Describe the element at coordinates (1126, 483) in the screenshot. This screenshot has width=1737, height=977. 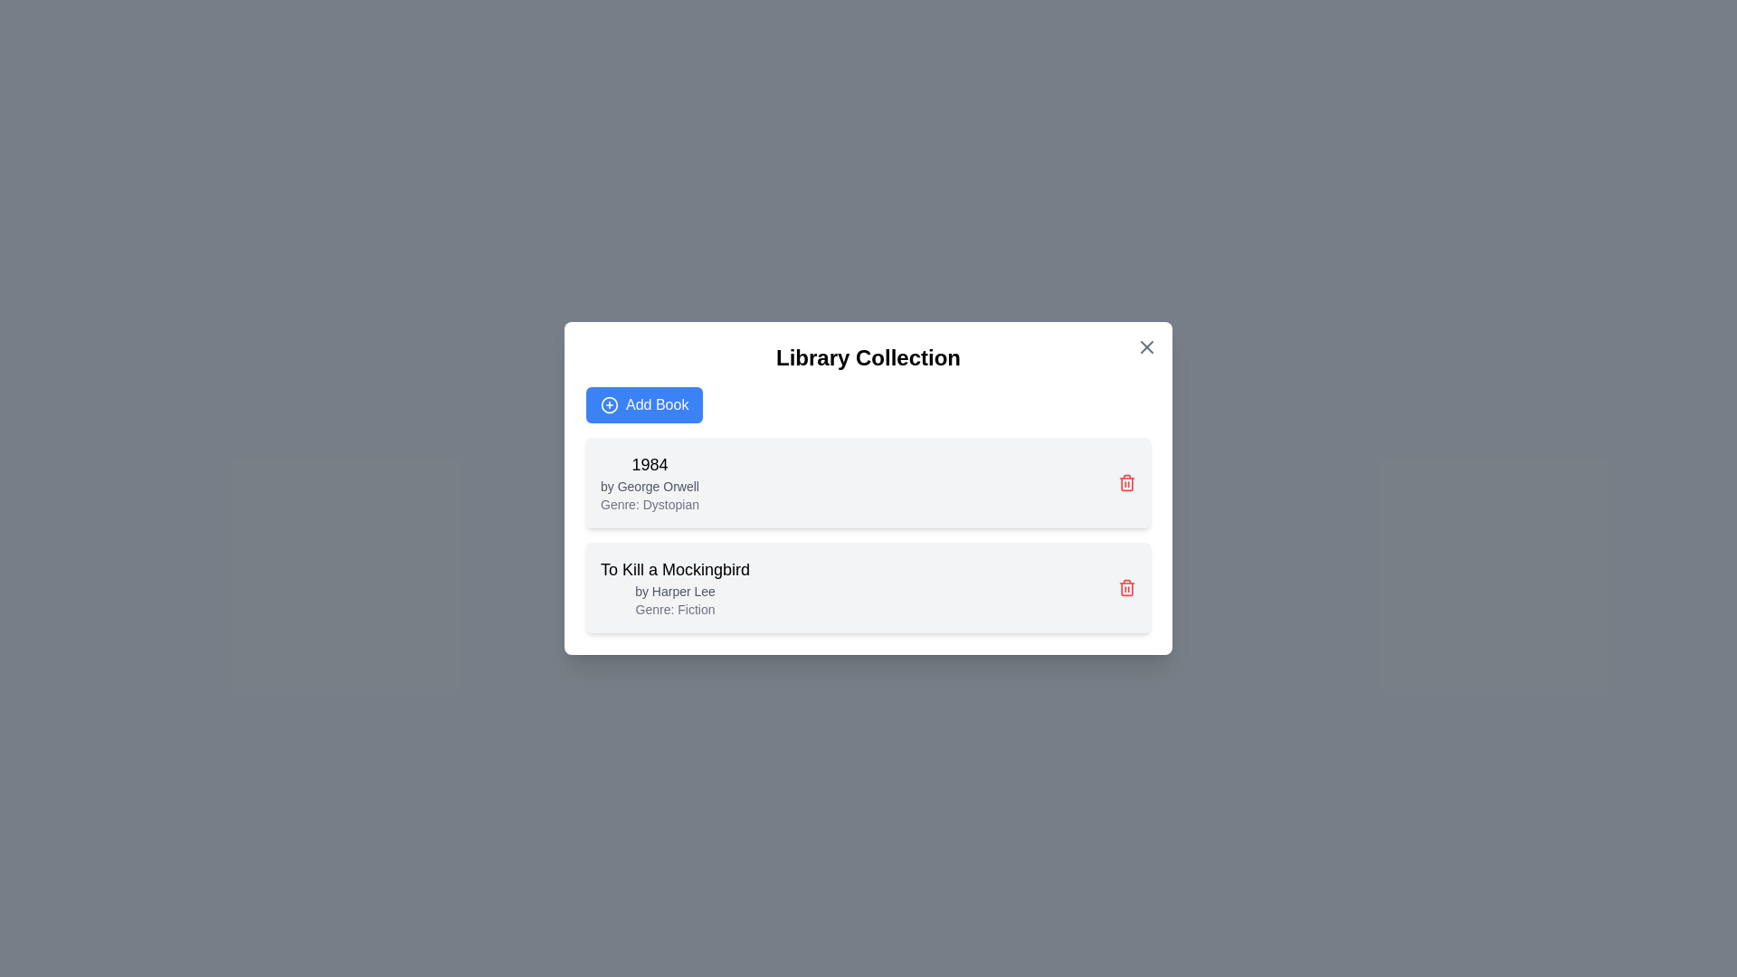
I see `the delete icon button for the book 'To Kill a Mockingbird' in the 'Library Collection' modal` at that location.